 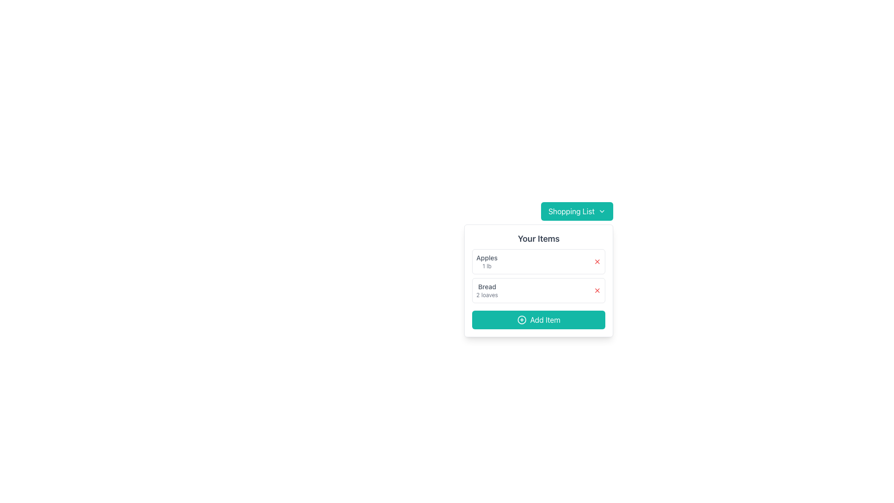 I want to click on the small red 'X' button on the far right side of the 'Bread 2 loaves' row in the shopping list interface to trigger its hover state, so click(x=597, y=290).